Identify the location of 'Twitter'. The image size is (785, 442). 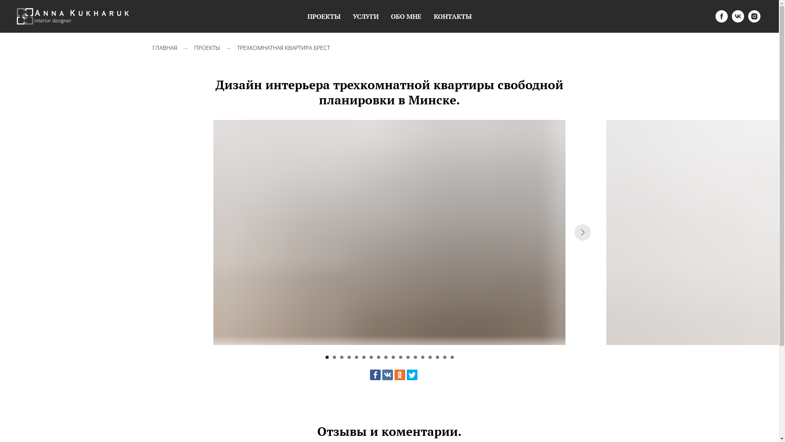
(412, 374).